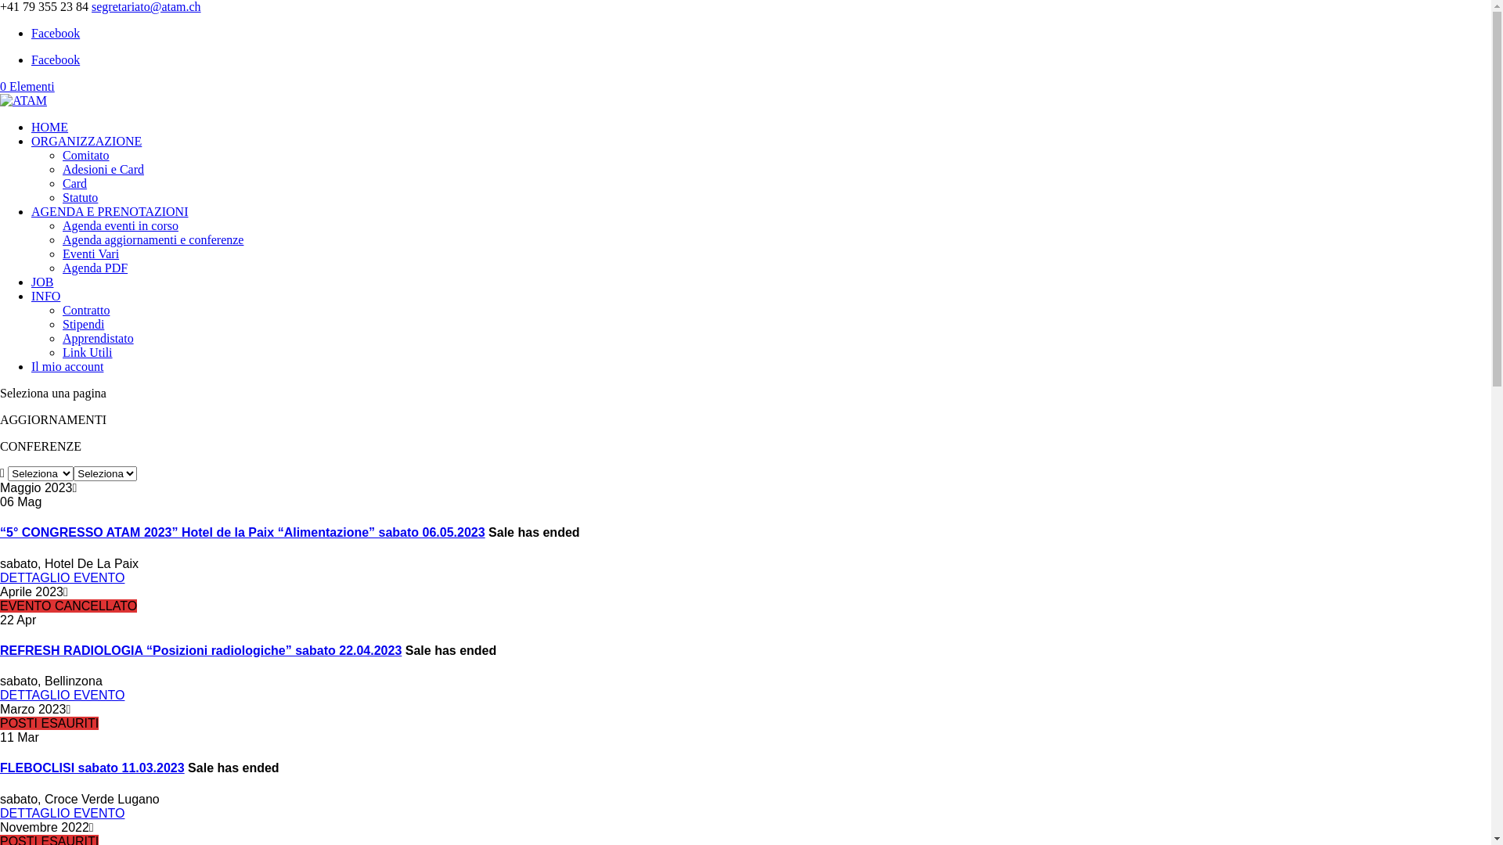  I want to click on 'Facebook', so click(56, 33).